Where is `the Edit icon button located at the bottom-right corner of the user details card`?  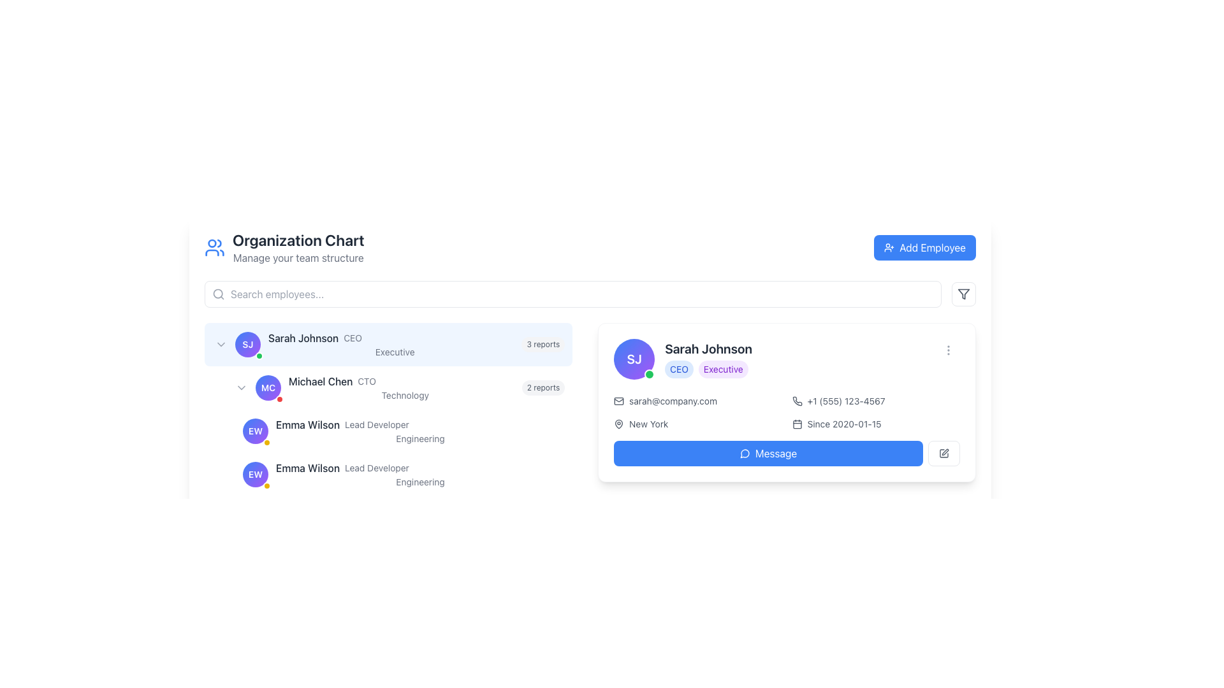
the Edit icon button located at the bottom-right corner of the user details card is located at coordinates (944, 453).